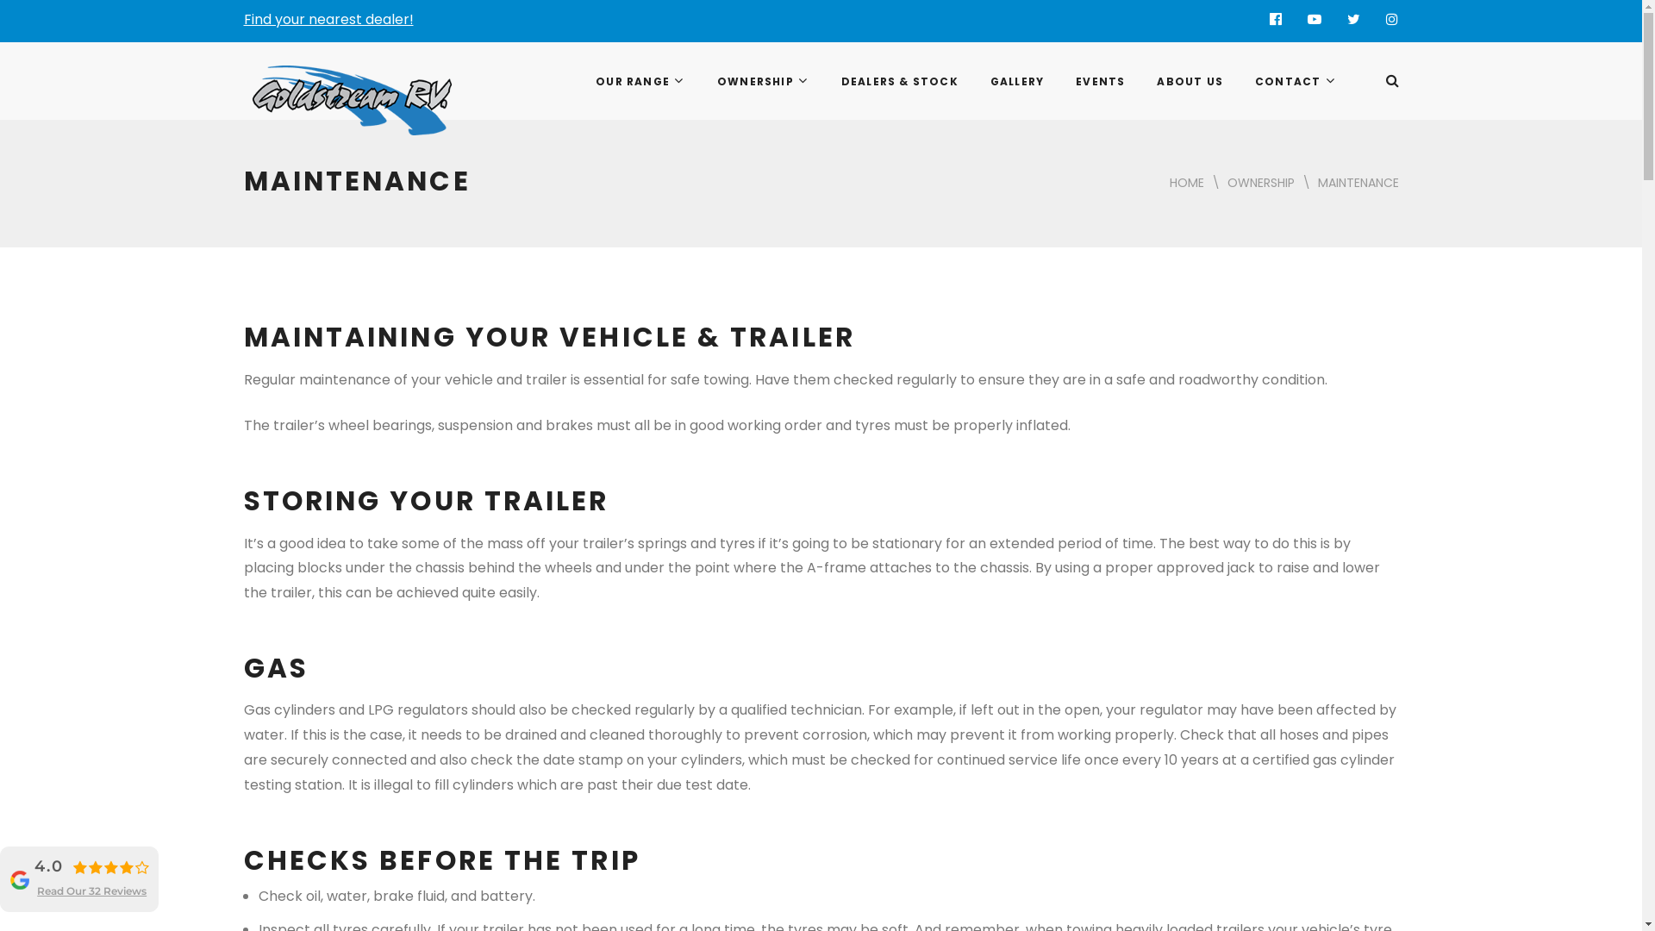  Describe the element at coordinates (1294, 81) in the screenshot. I see `'CONTACT'` at that location.